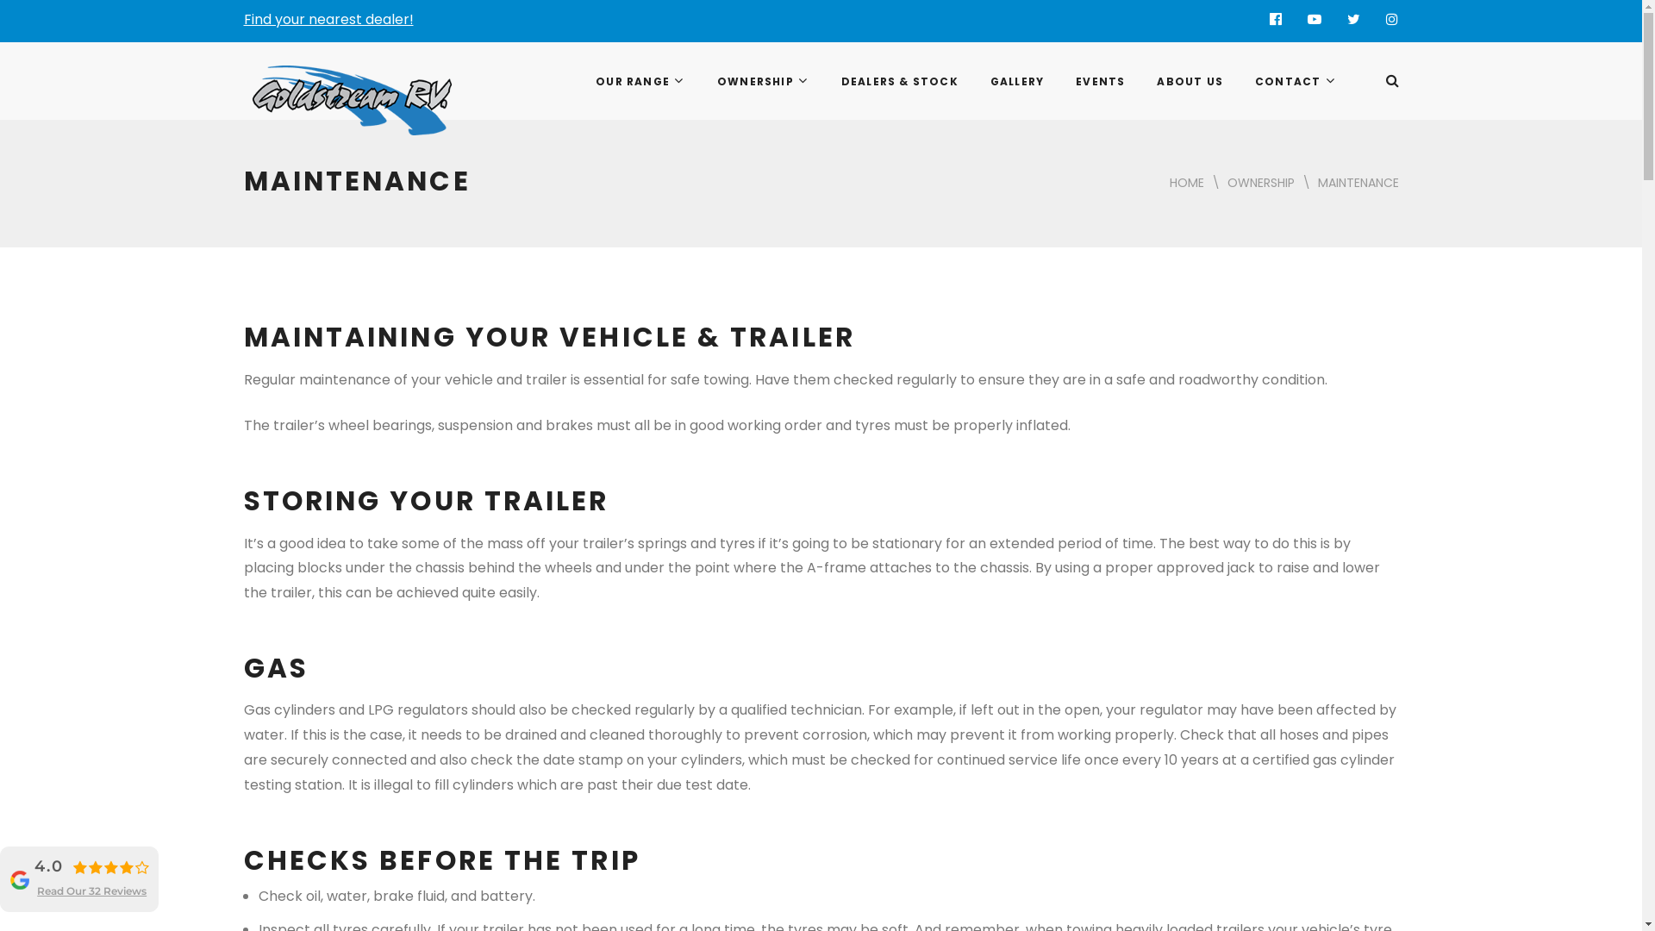  Describe the element at coordinates (1294, 81) in the screenshot. I see `'CONTACT'` at that location.